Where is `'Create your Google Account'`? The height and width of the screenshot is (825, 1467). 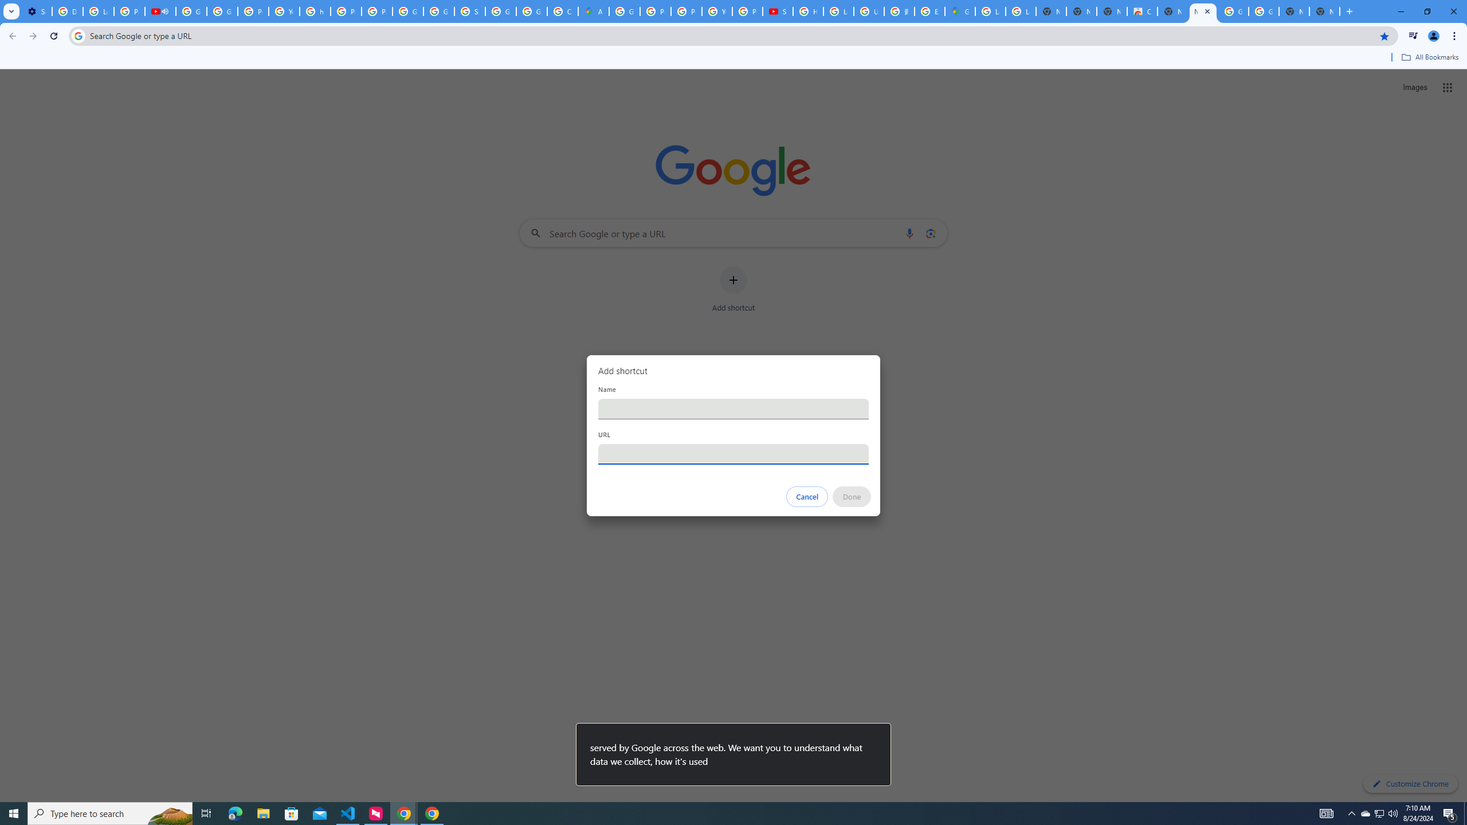 'Create your Google Account' is located at coordinates (563, 11).